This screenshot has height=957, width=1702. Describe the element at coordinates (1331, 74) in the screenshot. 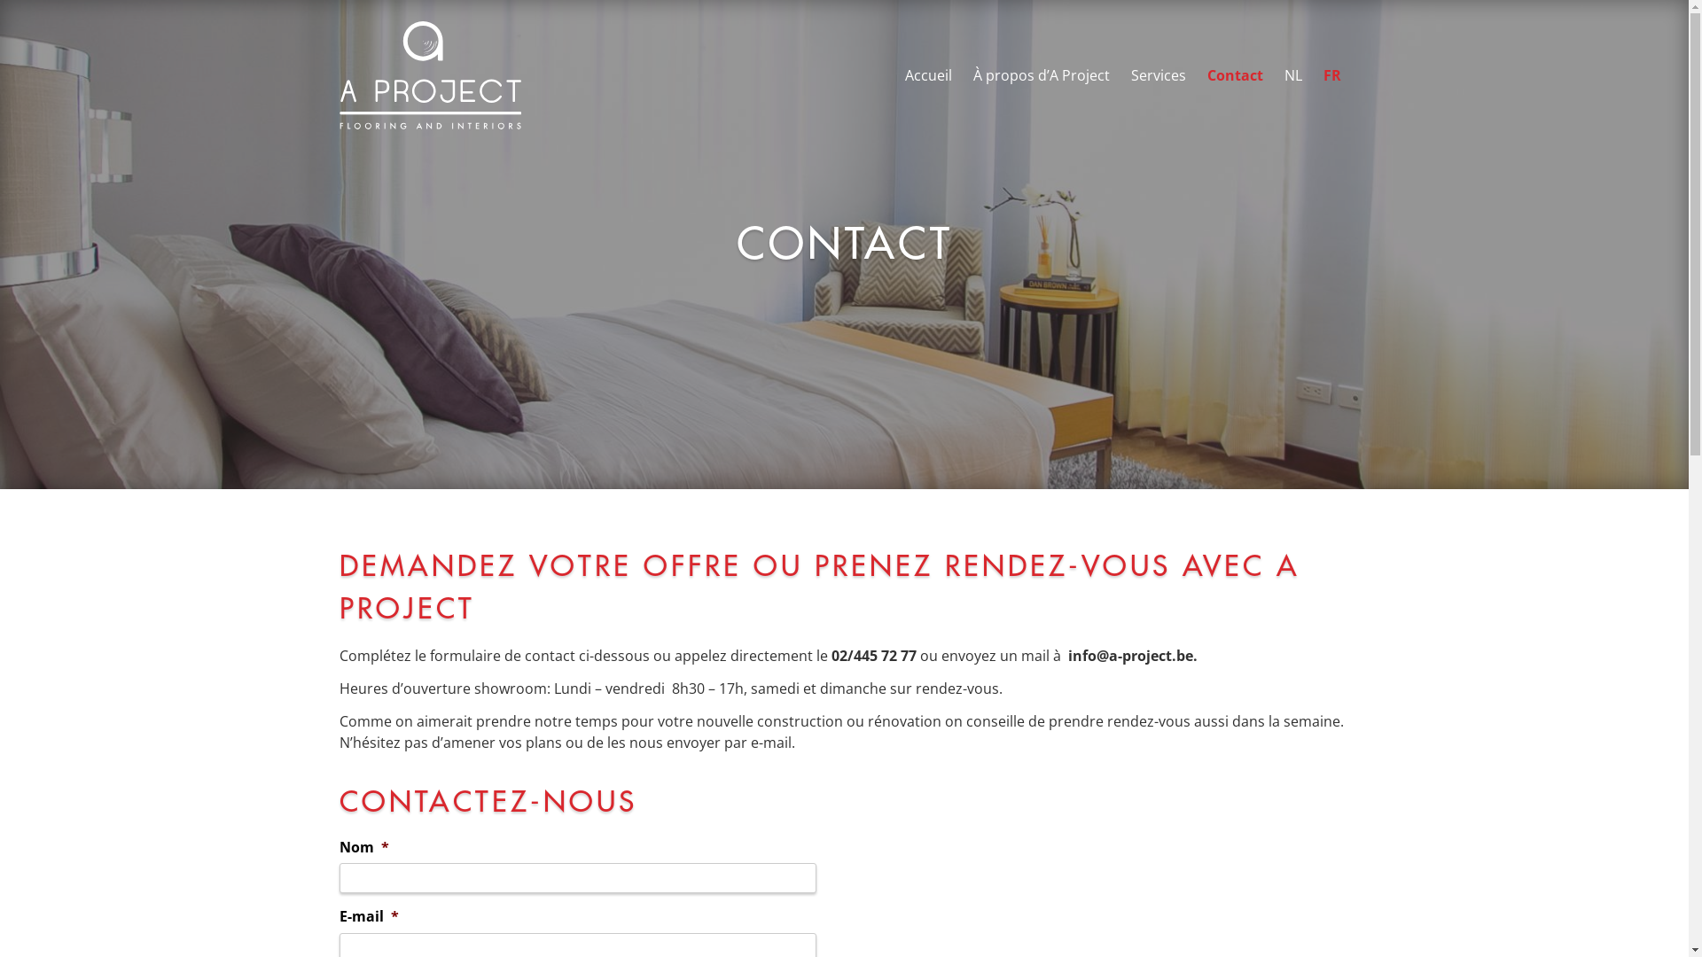

I see `'FR'` at that location.